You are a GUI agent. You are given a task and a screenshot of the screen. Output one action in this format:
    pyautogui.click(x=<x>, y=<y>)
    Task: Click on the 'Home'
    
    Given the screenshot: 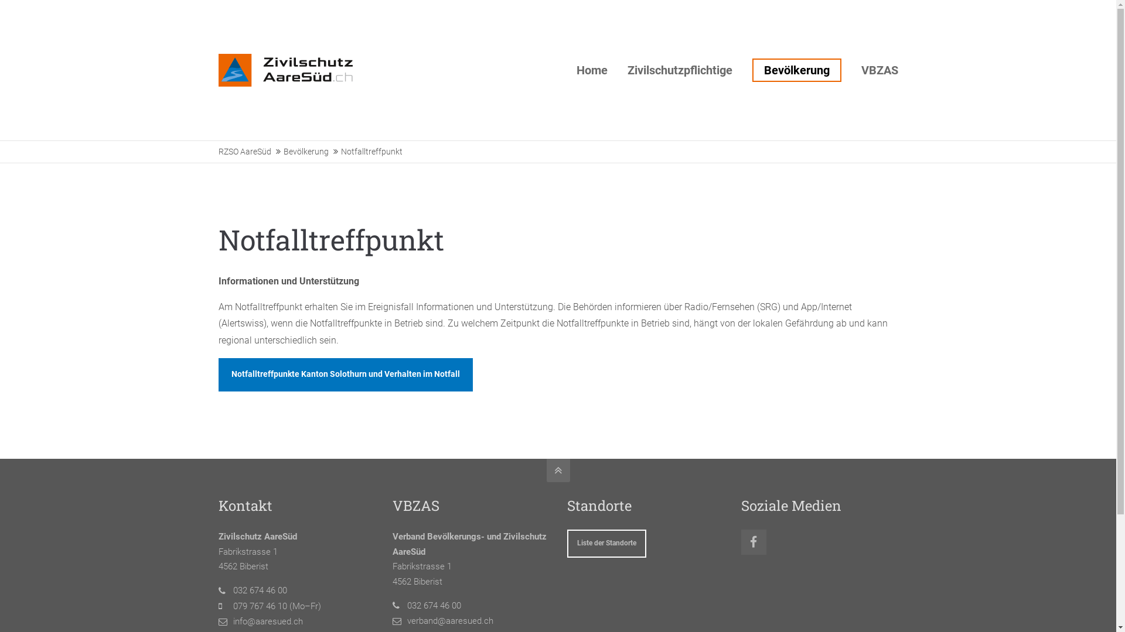 What is the action you would take?
    pyautogui.click(x=592, y=70)
    